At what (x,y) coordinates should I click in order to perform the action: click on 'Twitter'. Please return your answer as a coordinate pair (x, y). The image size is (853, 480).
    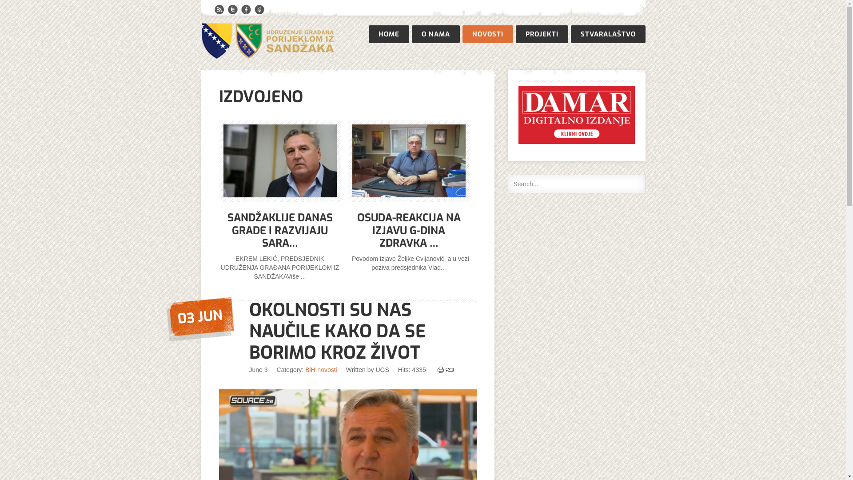
    Looking at the image, I should click on (232, 10).